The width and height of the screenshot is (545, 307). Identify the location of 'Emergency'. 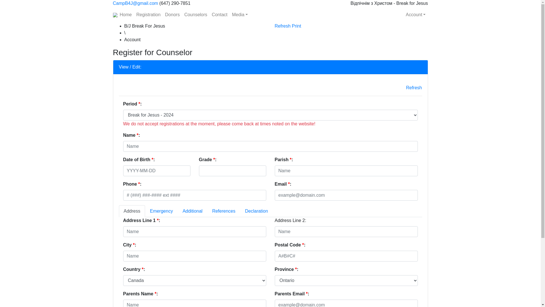
(161, 211).